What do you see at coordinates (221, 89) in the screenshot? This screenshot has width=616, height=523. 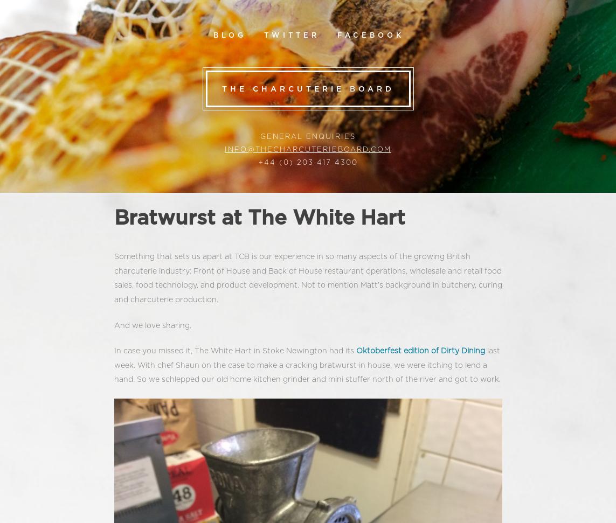 I see `'THE CHARCUTERIE BOARD'` at bounding box center [221, 89].